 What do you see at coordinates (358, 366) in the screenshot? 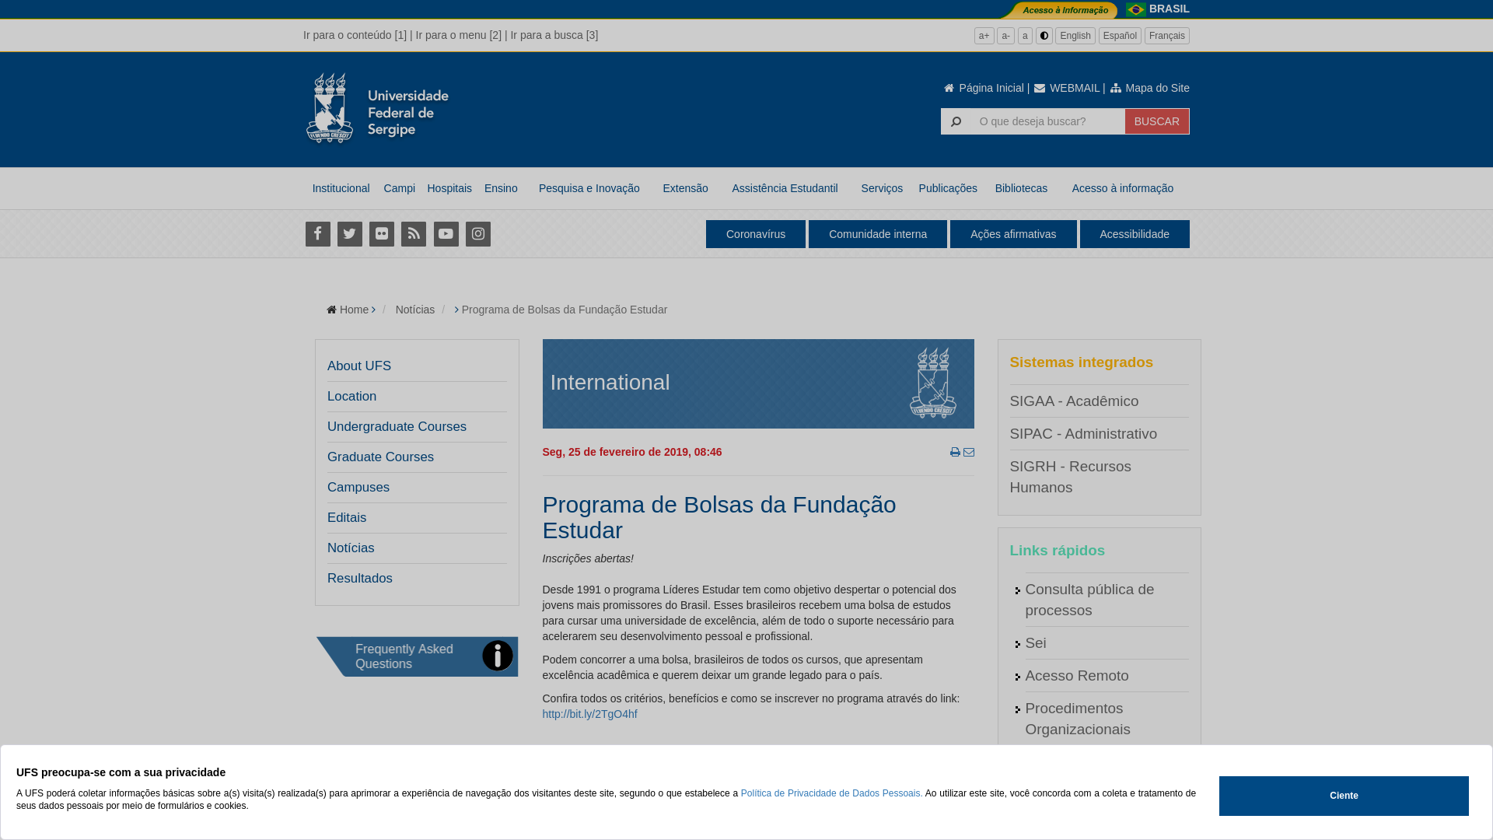
I see `'About UFS'` at bounding box center [358, 366].